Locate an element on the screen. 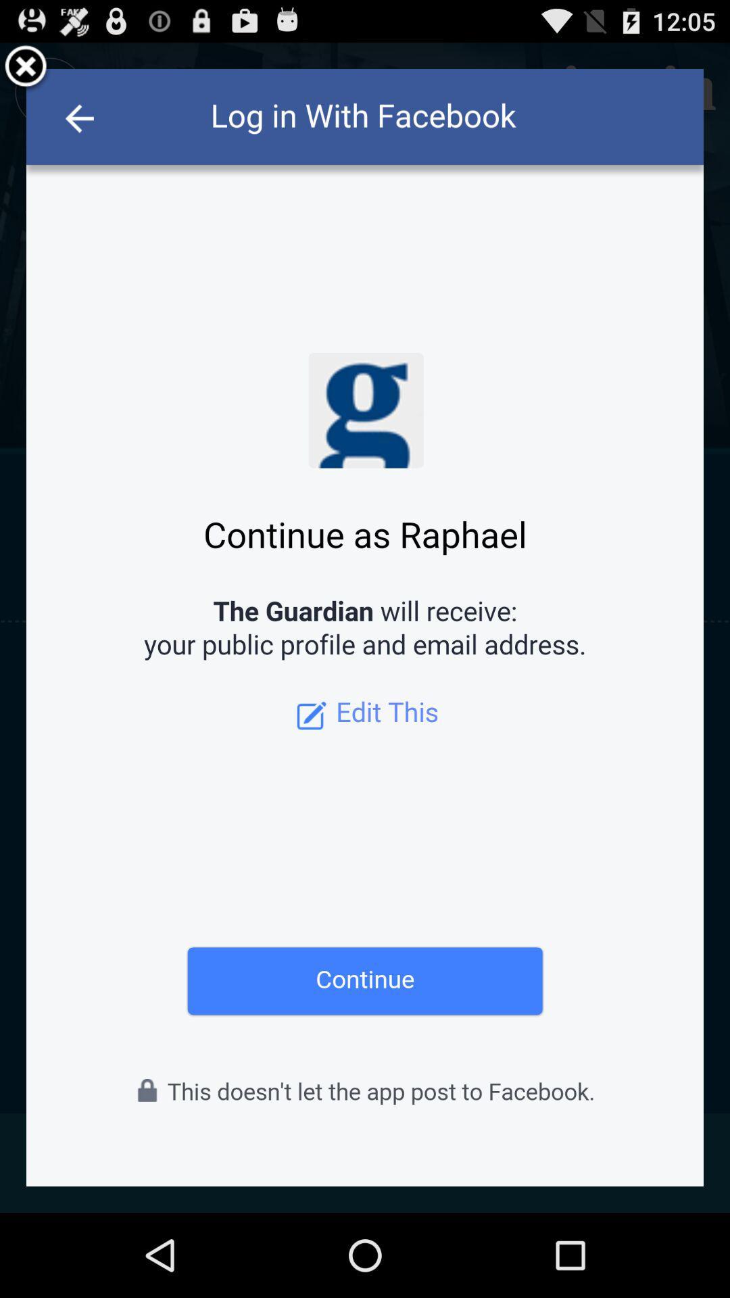  log in to facebook is located at coordinates (365, 627).